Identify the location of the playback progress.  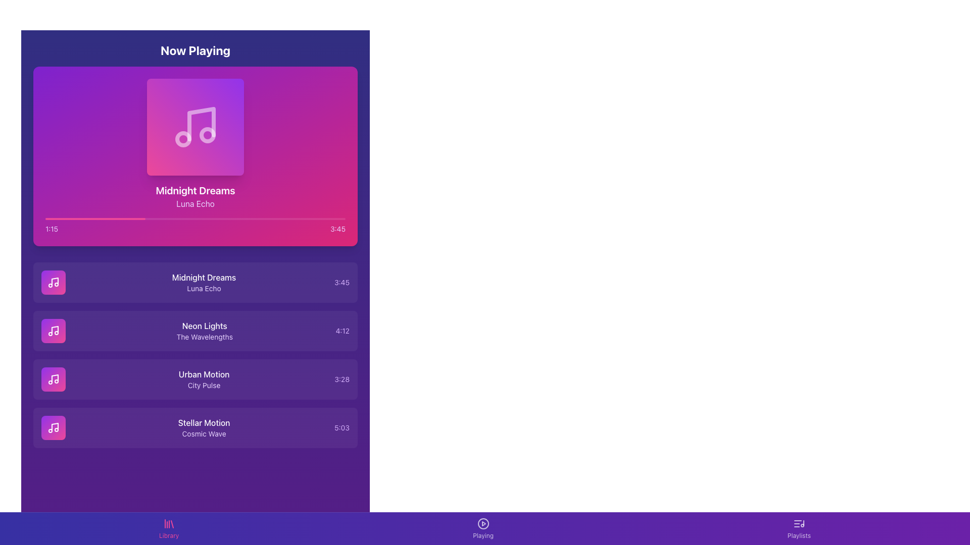
(334, 219).